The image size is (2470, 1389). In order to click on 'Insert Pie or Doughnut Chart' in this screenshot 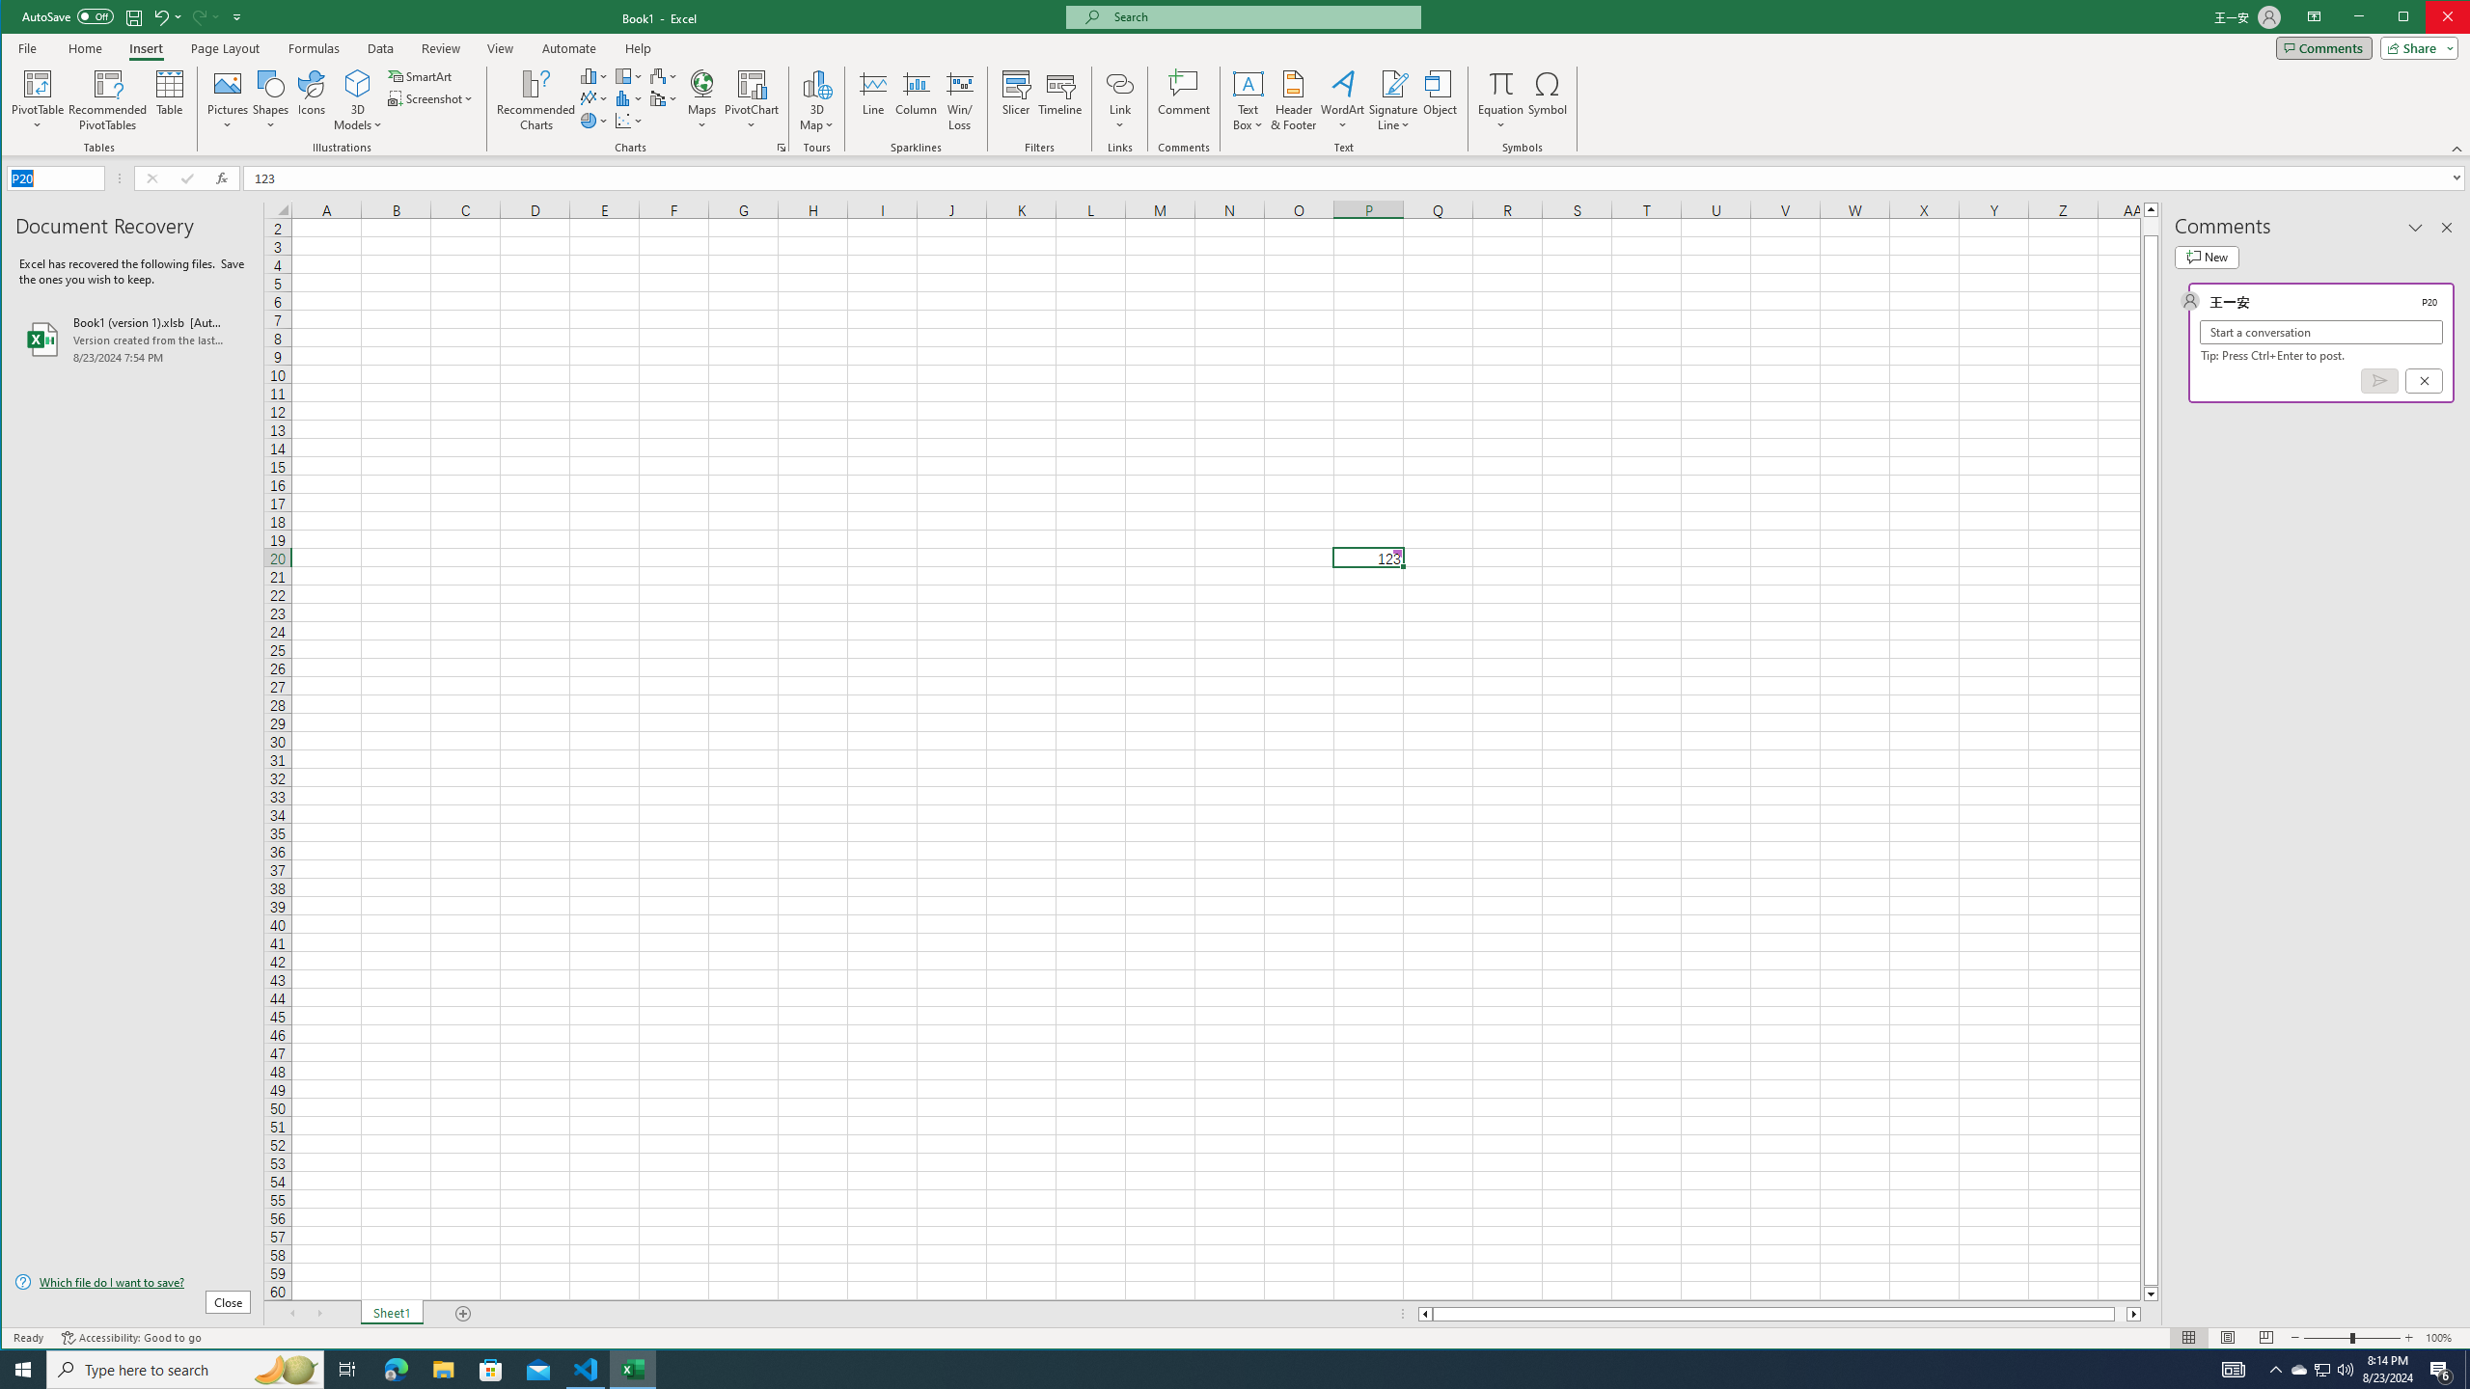, I will do `click(593, 121)`.